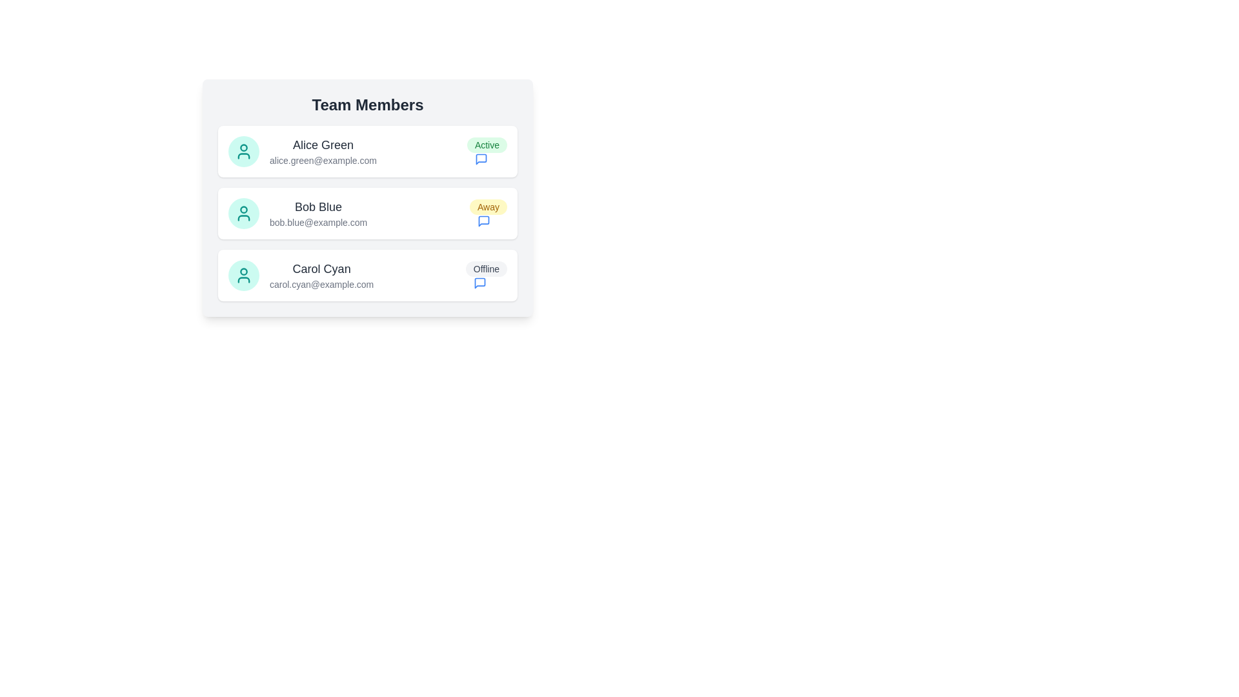 This screenshot has height=697, width=1239. Describe the element at coordinates (488, 213) in the screenshot. I see `the Status indicator for 'Bob Blue', which displays 'Away' in a yellow pill-shaped background next to a blue speech-bubble-like icon` at that location.